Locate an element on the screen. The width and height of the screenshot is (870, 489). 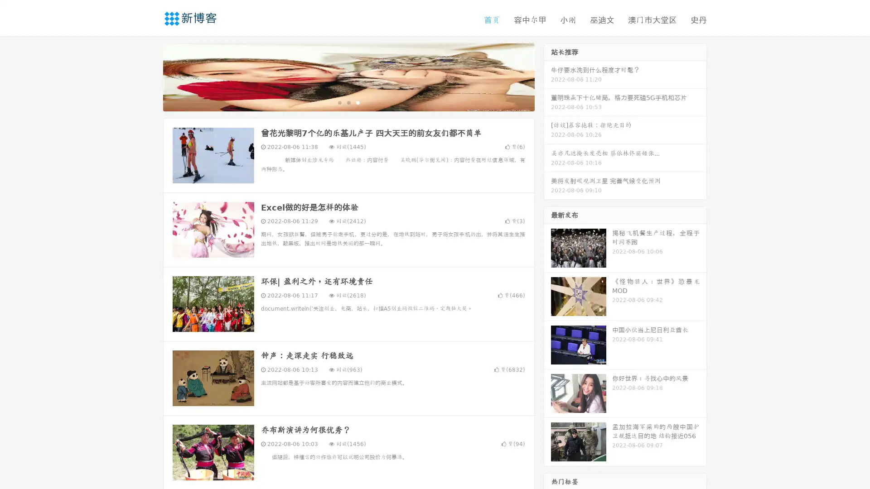
Go to slide 1 is located at coordinates (339, 102).